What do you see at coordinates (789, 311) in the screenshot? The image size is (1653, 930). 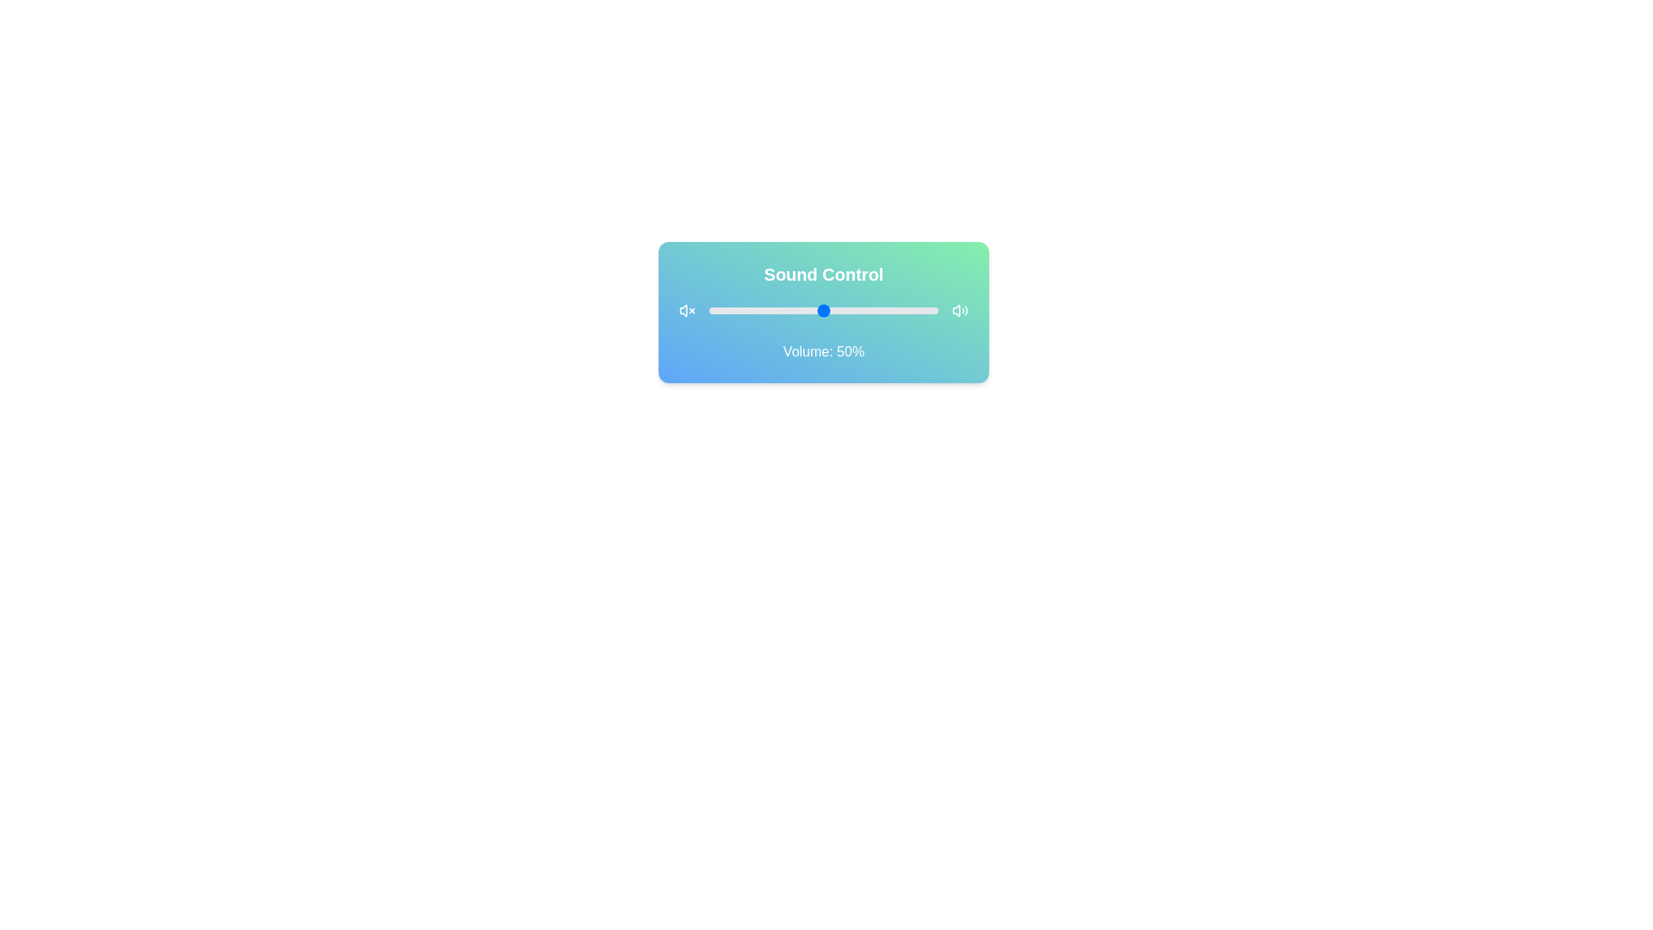 I see `the volume slider` at bounding box center [789, 311].